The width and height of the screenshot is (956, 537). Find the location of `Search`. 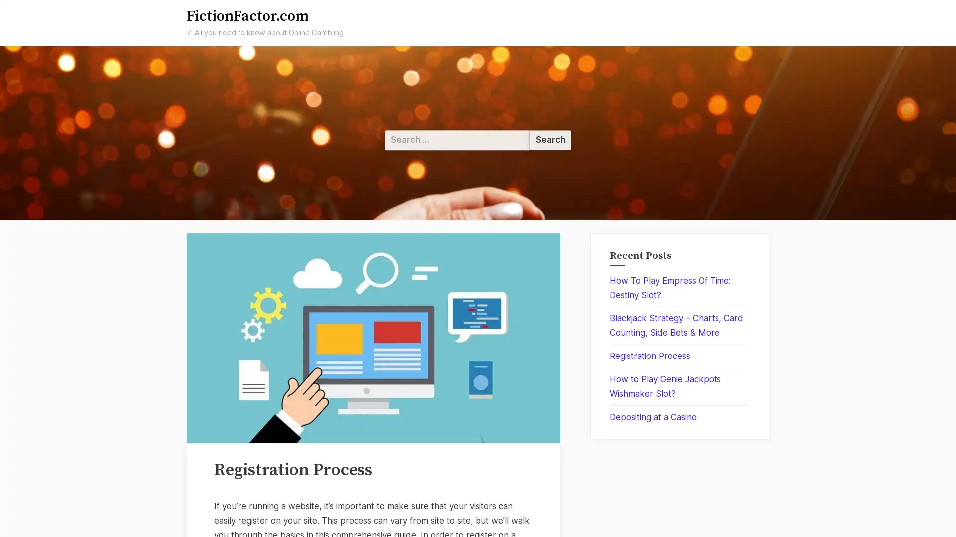

Search is located at coordinates (550, 140).